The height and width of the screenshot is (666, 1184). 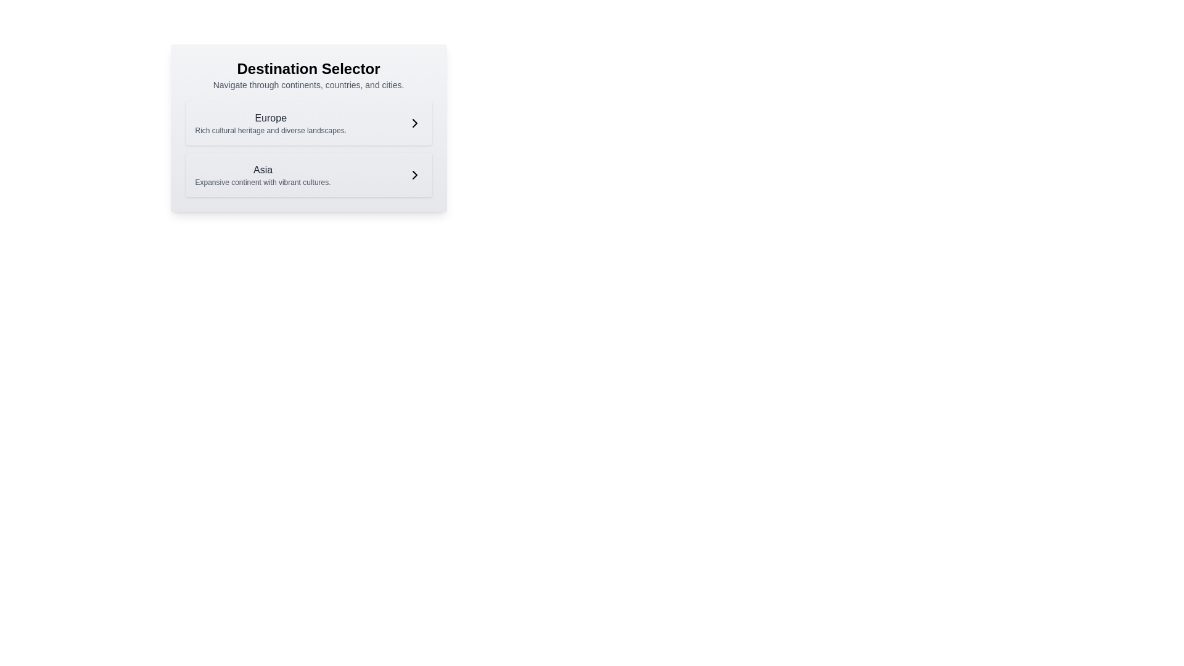 What do you see at coordinates (414, 175) in the screenshot?
I see `the right-pointing chevron icon within the light gray rectangular area` at bounding box center [414, 175].